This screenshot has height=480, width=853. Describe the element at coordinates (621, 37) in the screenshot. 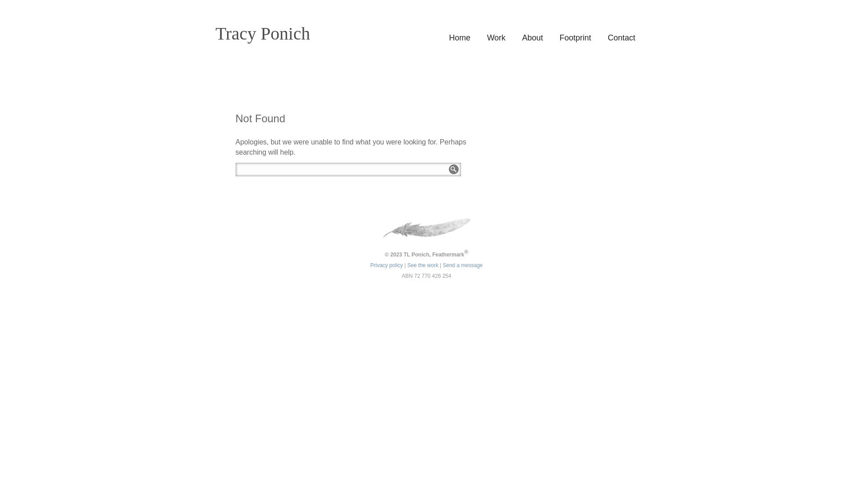

I see `'Contact'` at that location.